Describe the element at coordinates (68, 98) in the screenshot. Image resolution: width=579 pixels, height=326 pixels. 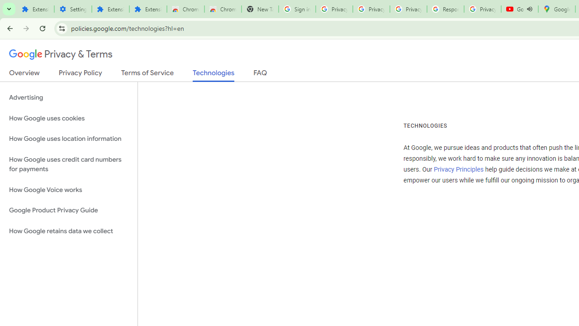
I see `'Advertising'` at that location.